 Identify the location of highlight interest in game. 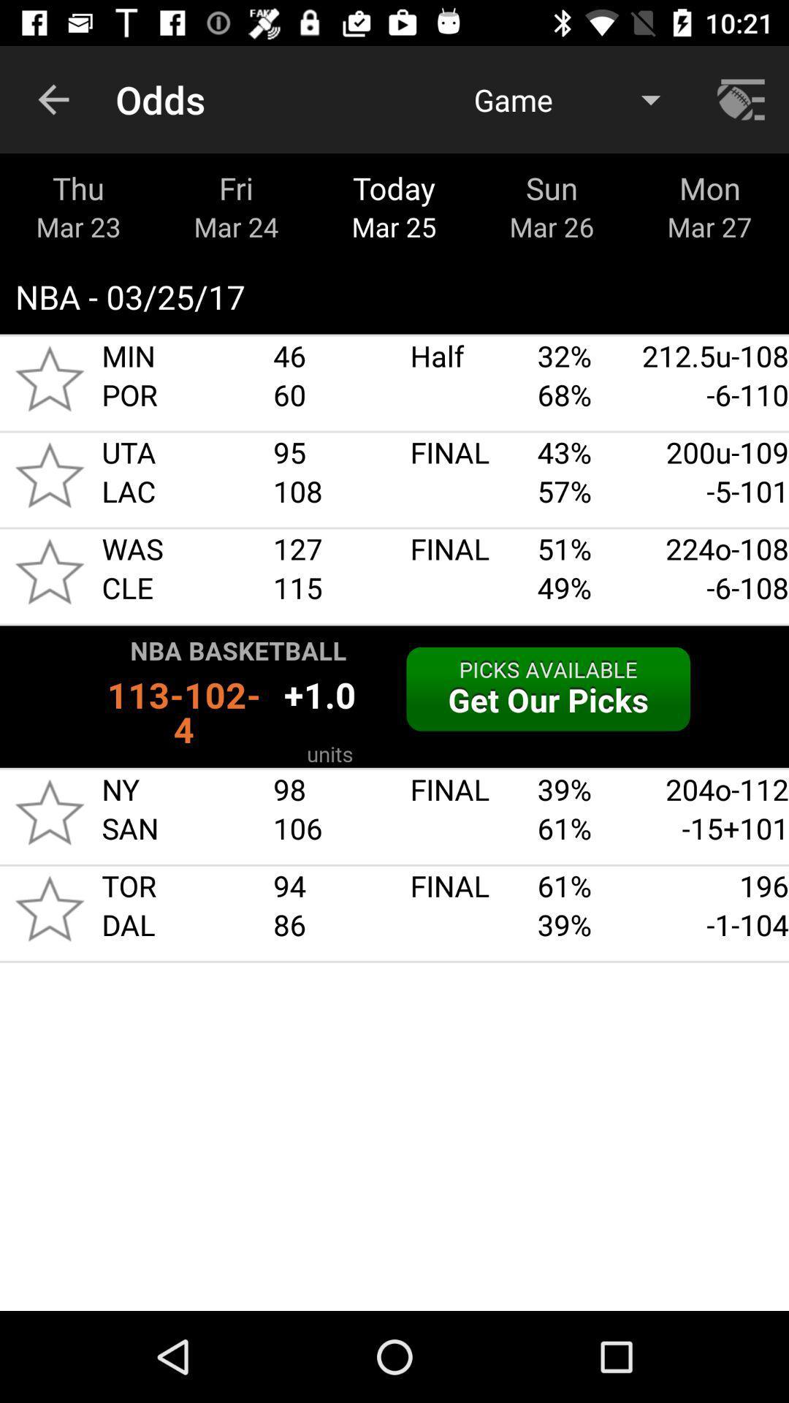
(49, 908).